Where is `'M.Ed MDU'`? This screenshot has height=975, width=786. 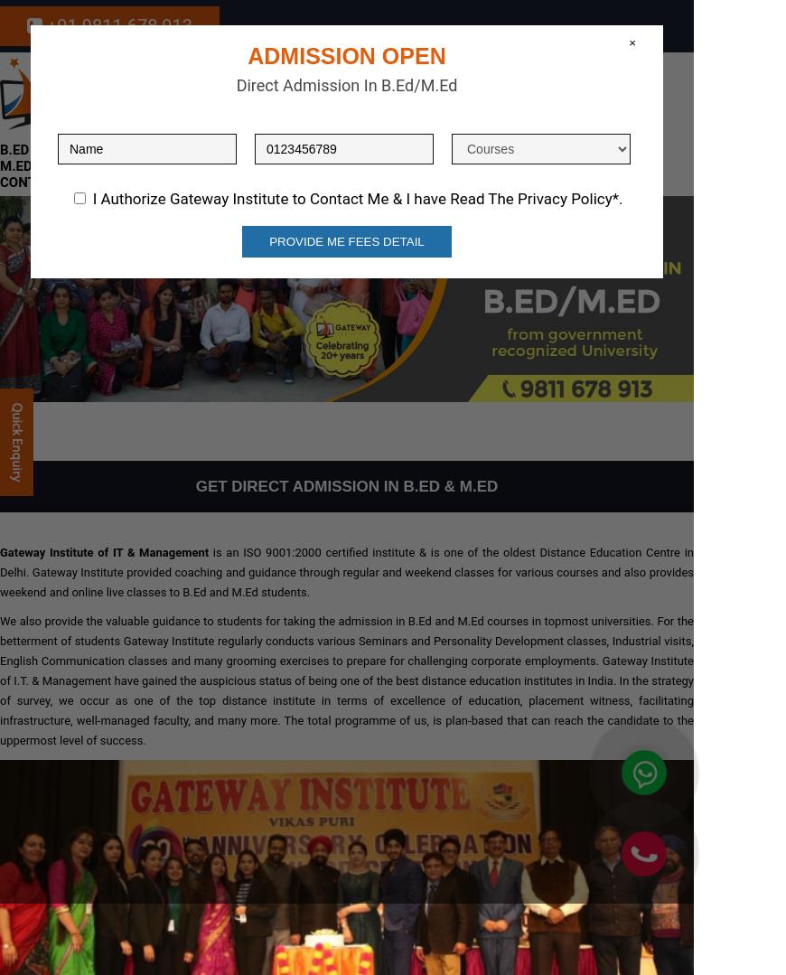
'M.Ed MDU' is located at coordinates (32, 165).